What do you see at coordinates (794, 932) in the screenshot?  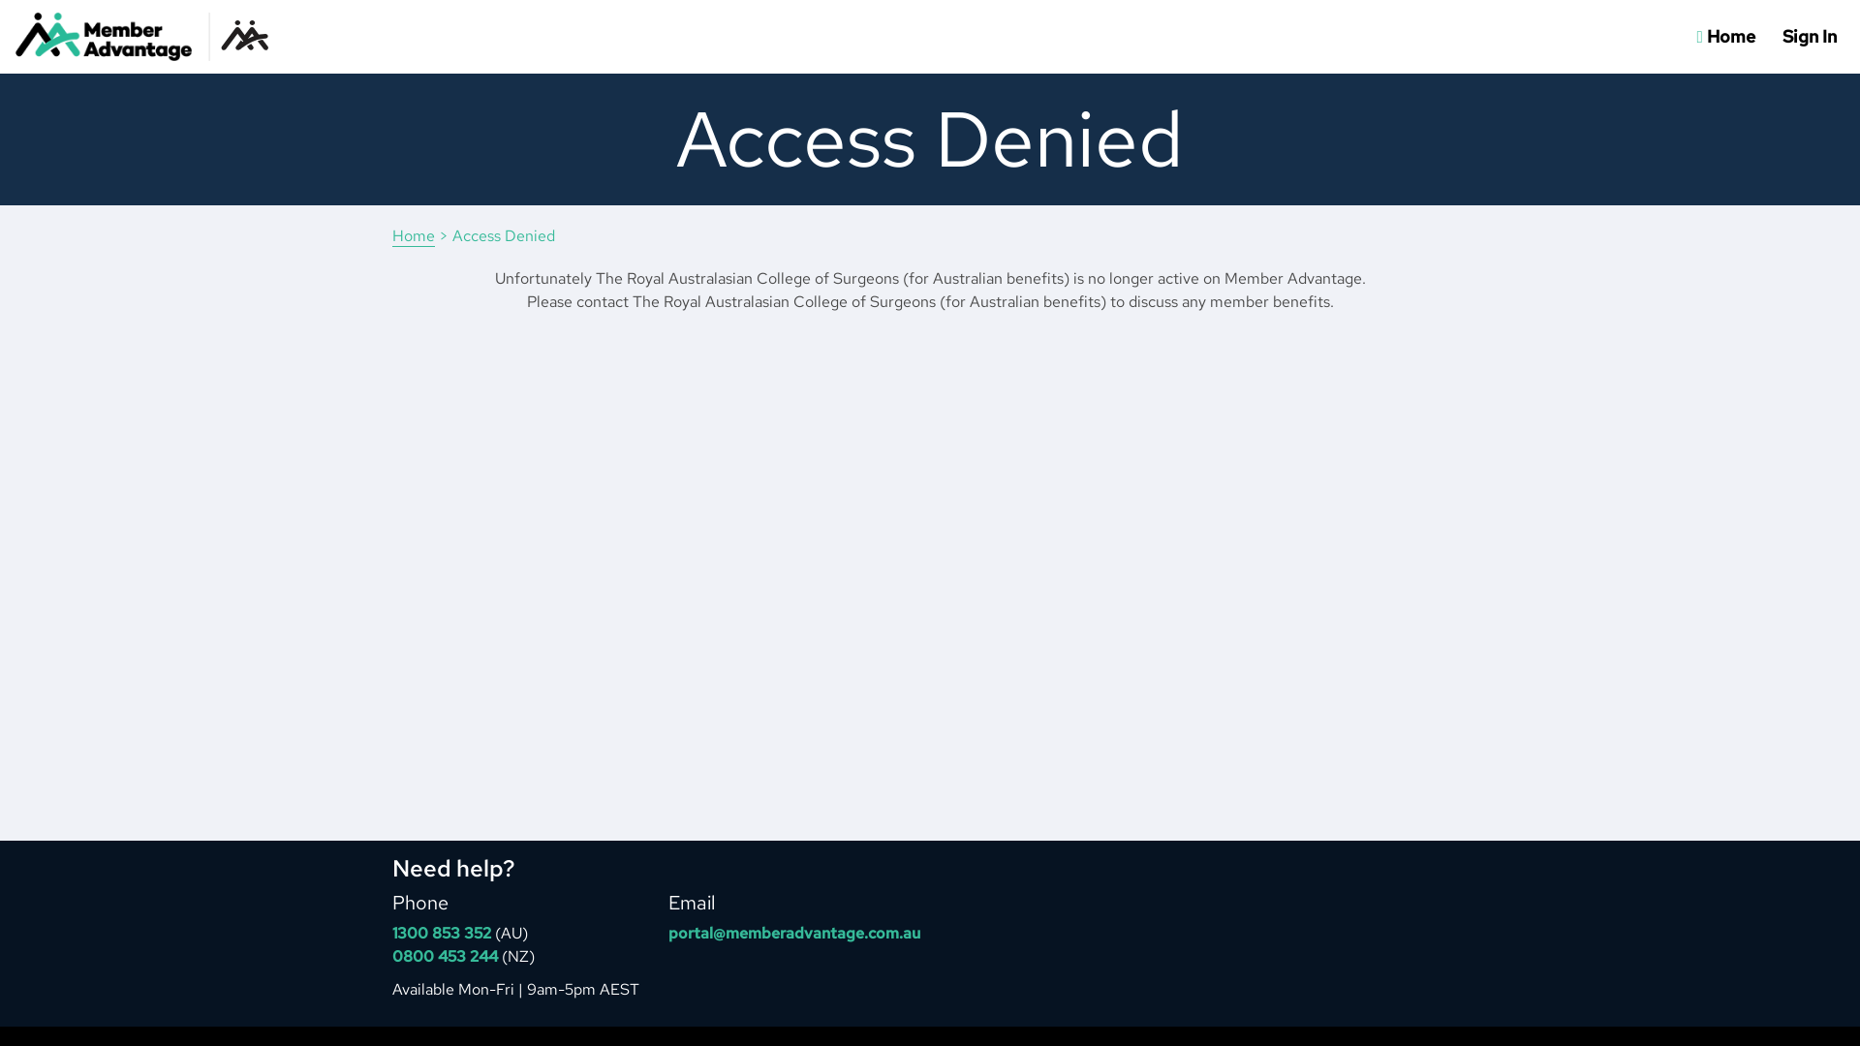 I see `'portal@memberadvantage.com.au'` at bounding box center [794, 932].